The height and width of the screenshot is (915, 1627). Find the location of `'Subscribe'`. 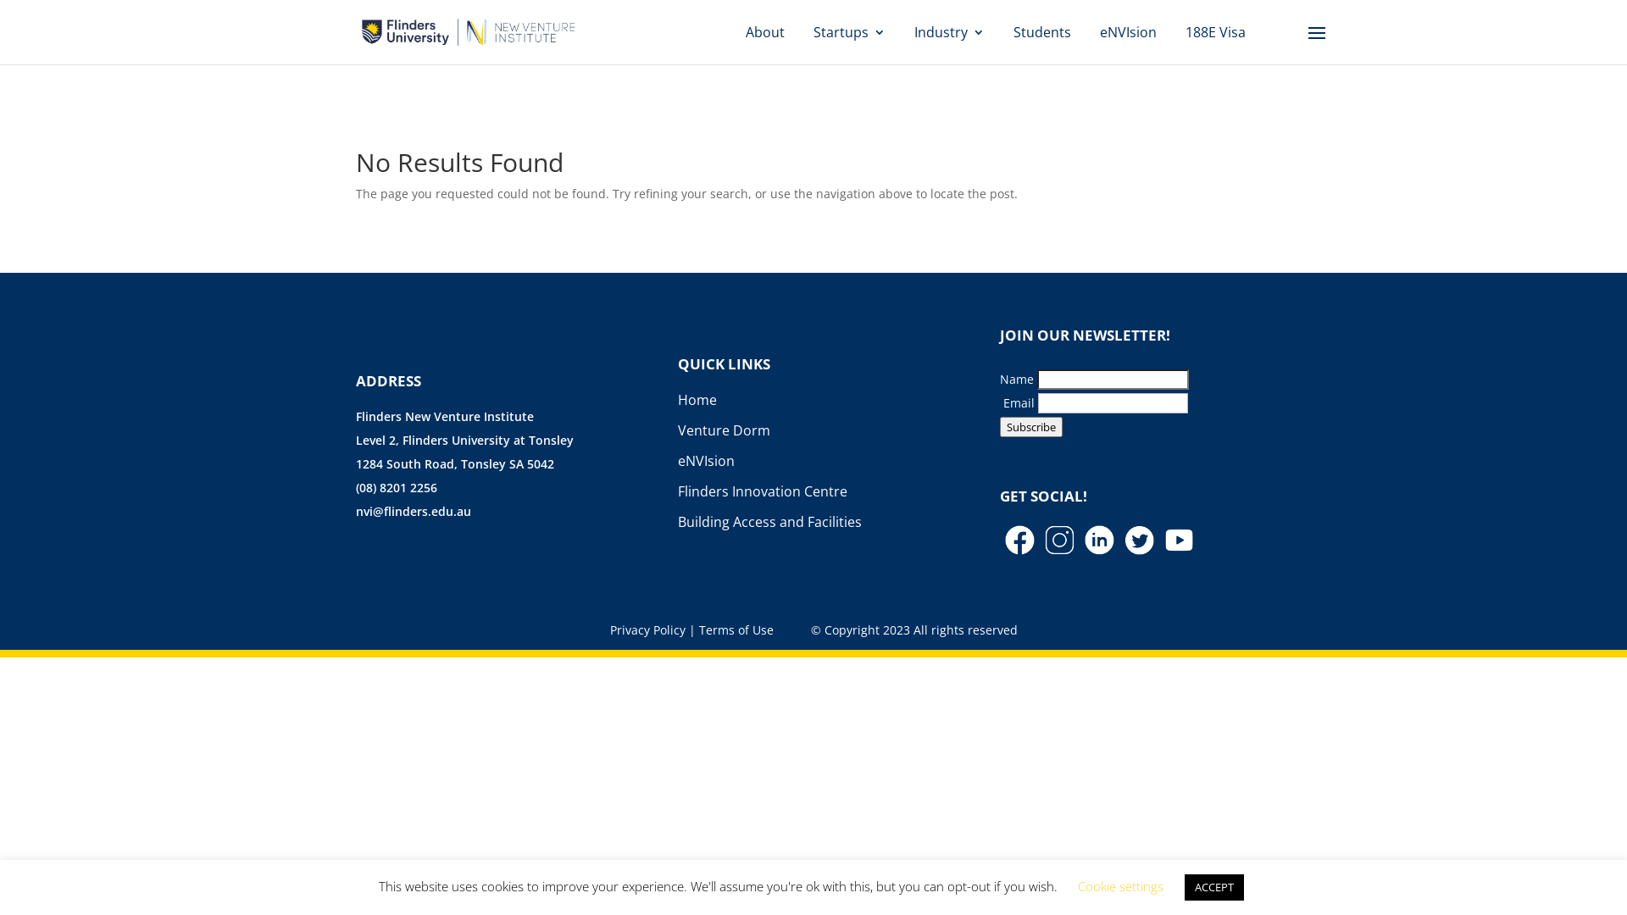

'Subscribe' is located at coordinates (1030, 426).